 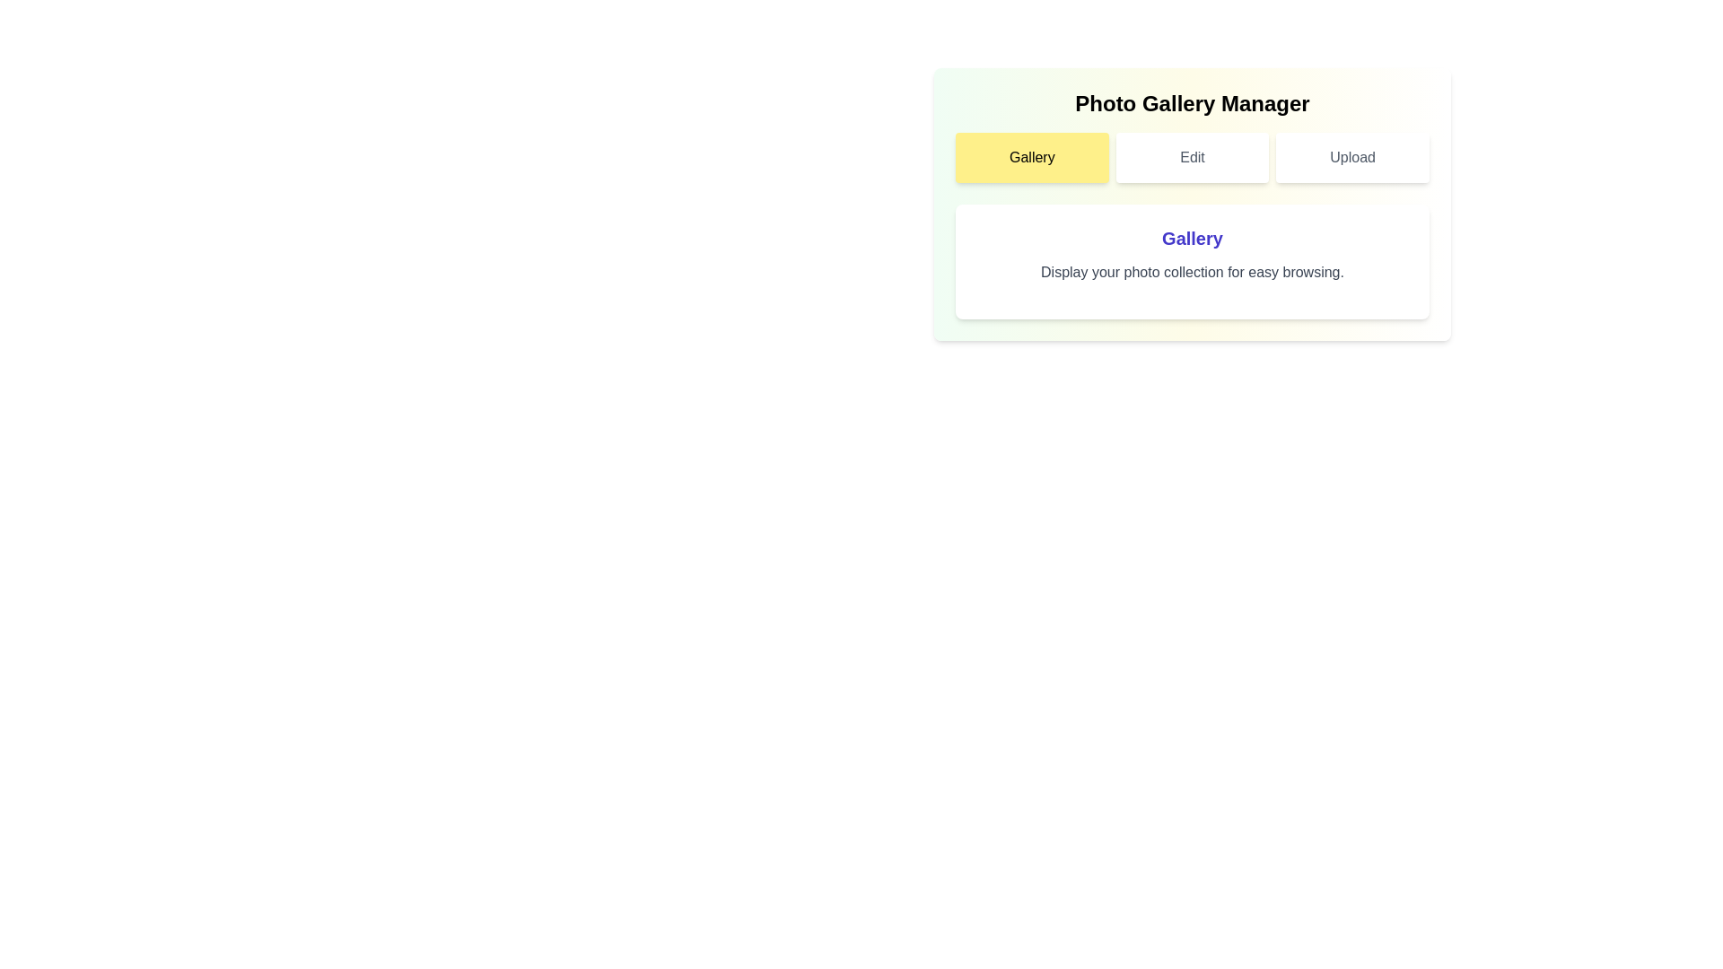 I want to click on the Gallery button located in the top-left corner of the button group in the 'Photo Gallery Manager' interface, so click(x=1032, y=157).